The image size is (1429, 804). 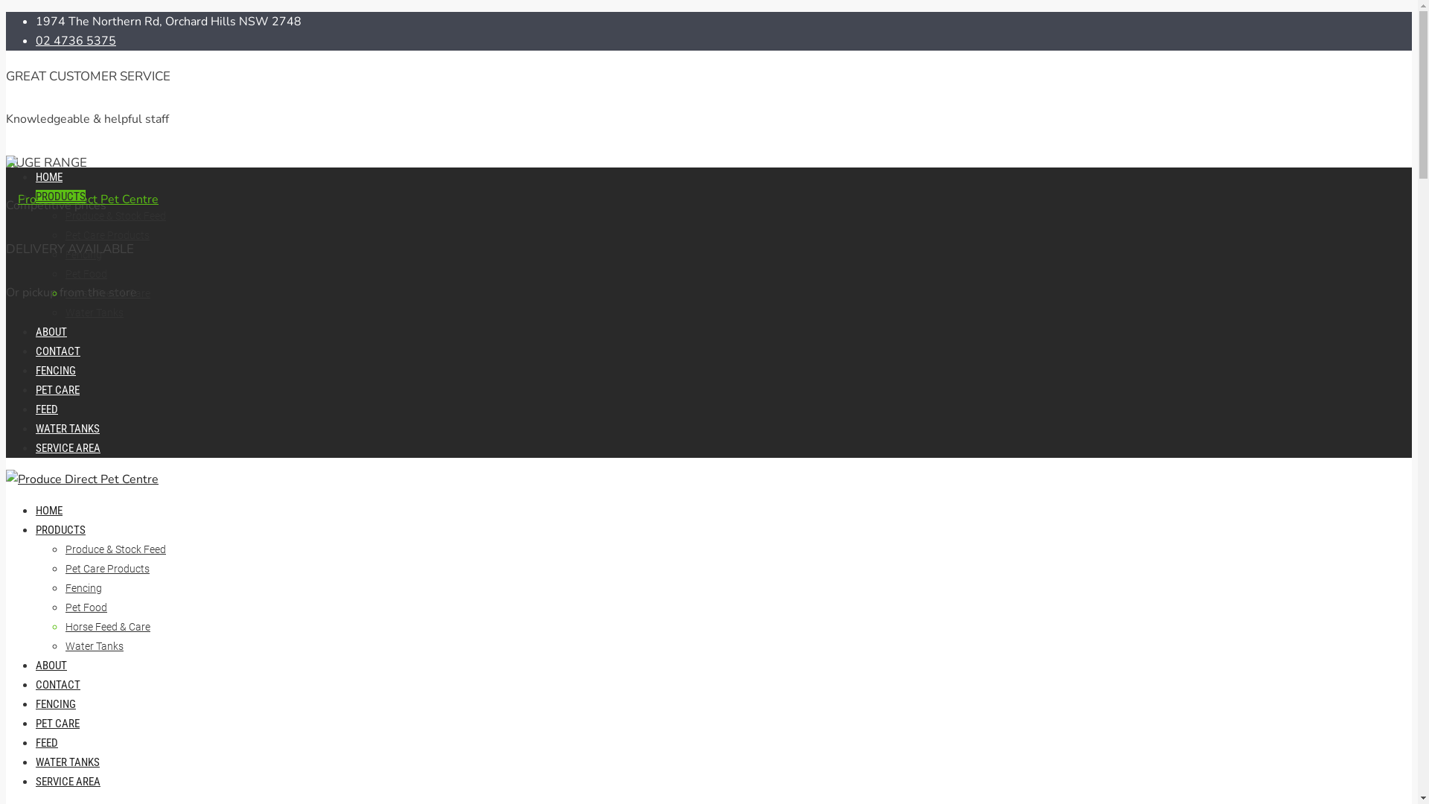 I want to click on 'Horse Feed & Care', so click(x=106, y=293).